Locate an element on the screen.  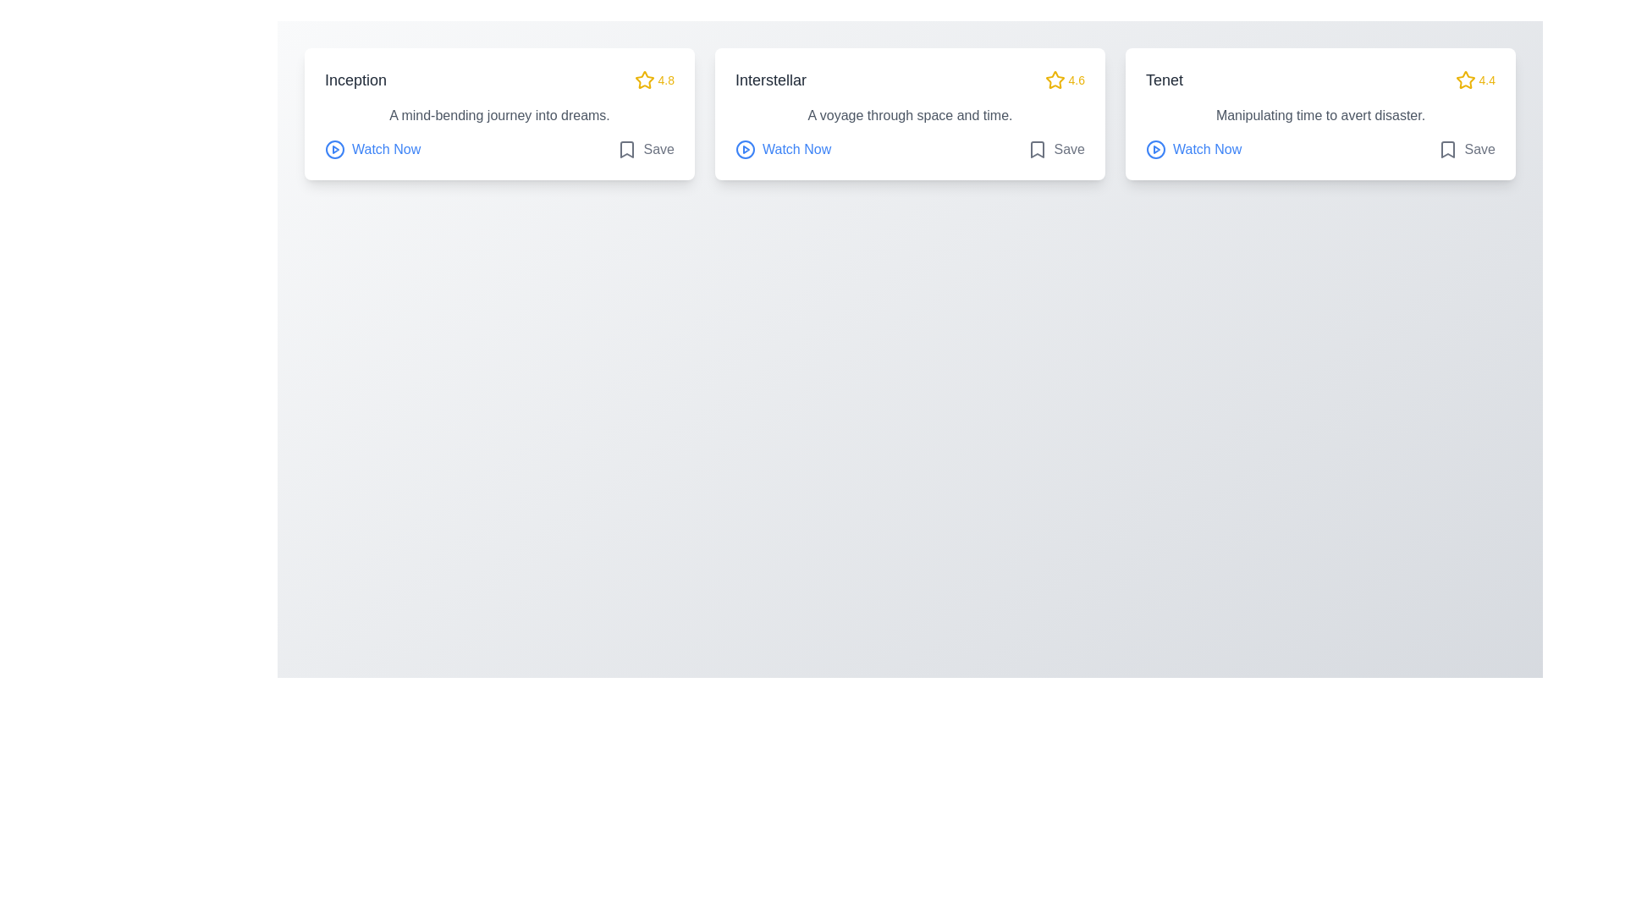
the 'Save' icon located on the left side of the 'Save' text within the third card of the movie 'Tenet' is located at coordinates (1446, 149).